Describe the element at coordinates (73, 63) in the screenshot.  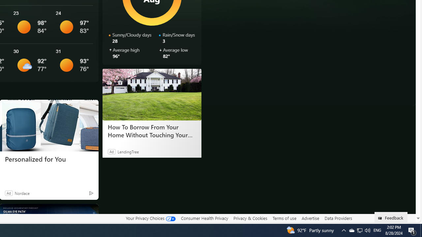
I see `'See More Details'` at that location.